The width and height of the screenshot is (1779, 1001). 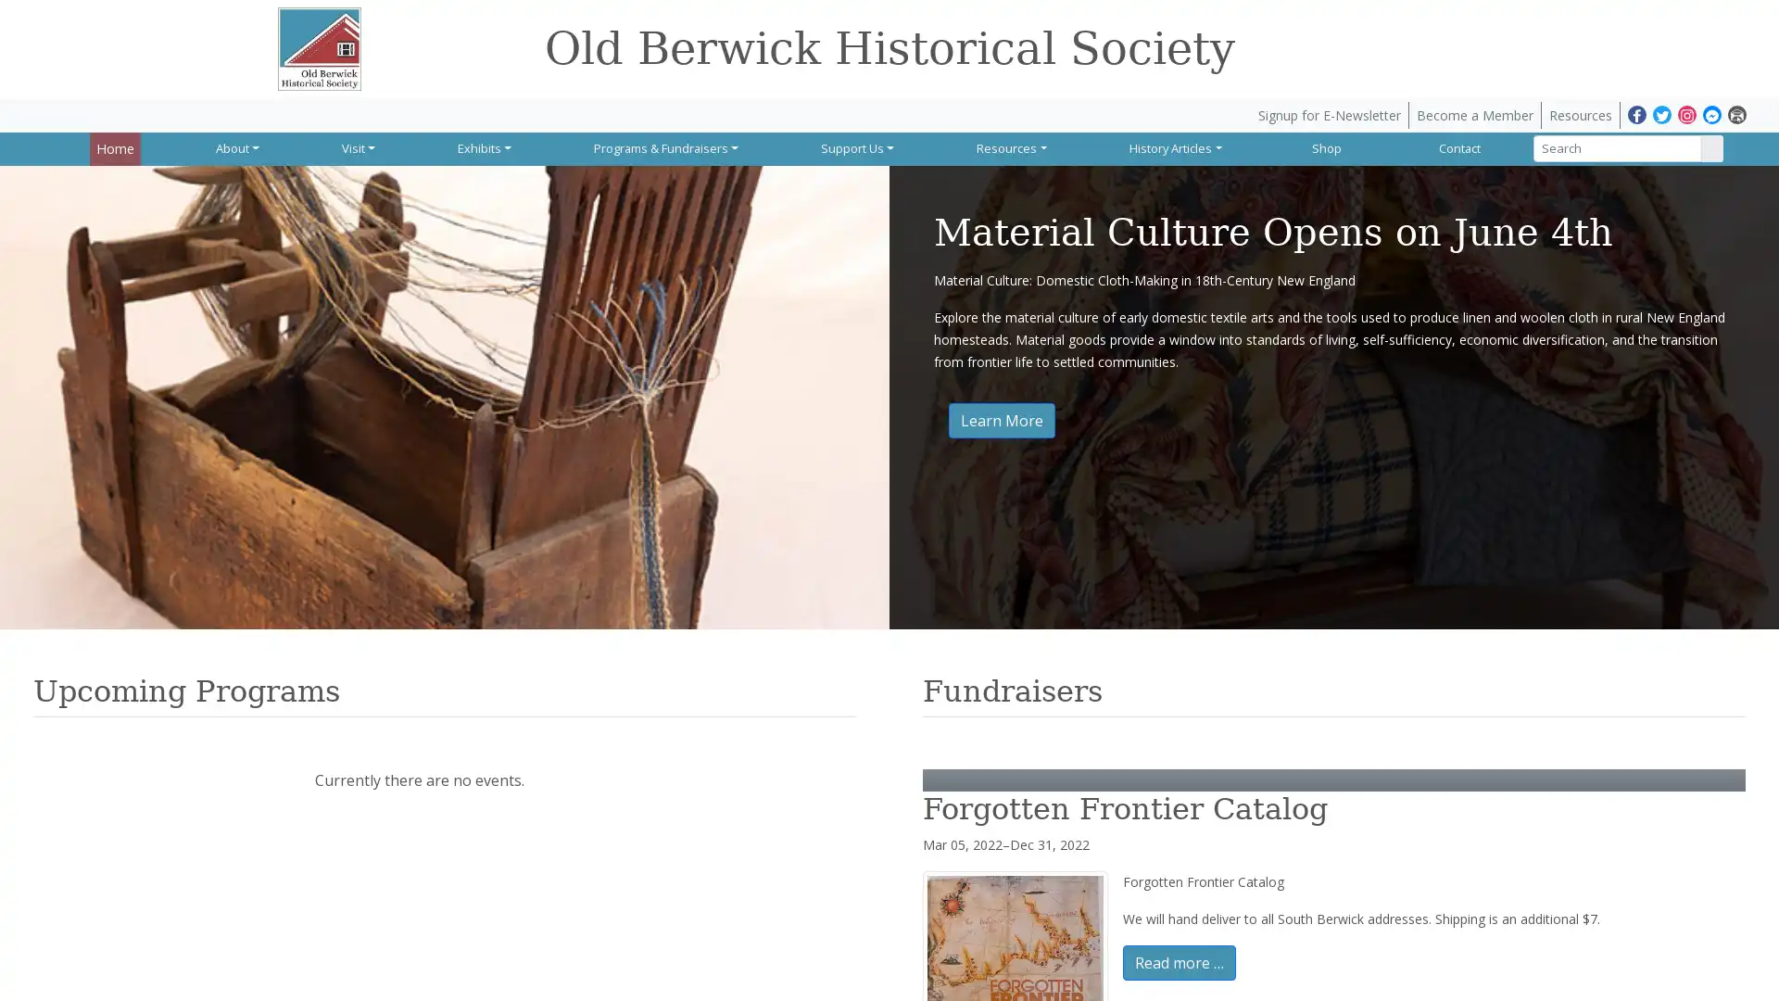 What do you see at coordinates (1007, 146) in the screenshot?
I see `Resources` at bounding box center [1007, 146].